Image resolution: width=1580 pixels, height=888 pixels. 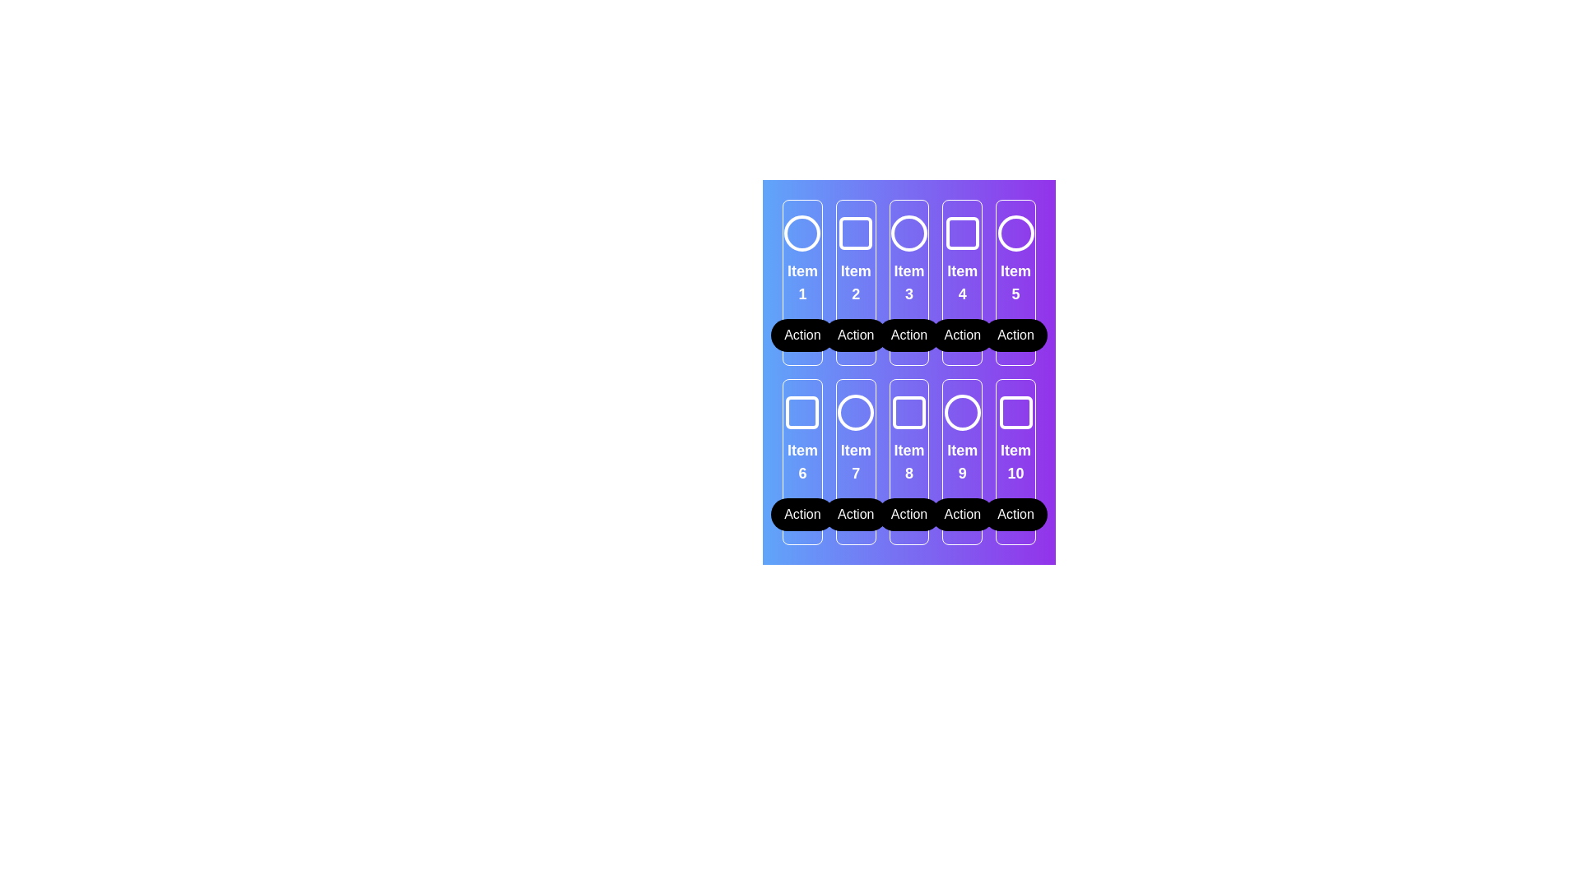 What do you see at coordinates (908, 281) in the screenshot?
I see `the Composite UI element representing 'Item 3' in the grid layout, located in the first row and third column` at bounding box center [908, 281].